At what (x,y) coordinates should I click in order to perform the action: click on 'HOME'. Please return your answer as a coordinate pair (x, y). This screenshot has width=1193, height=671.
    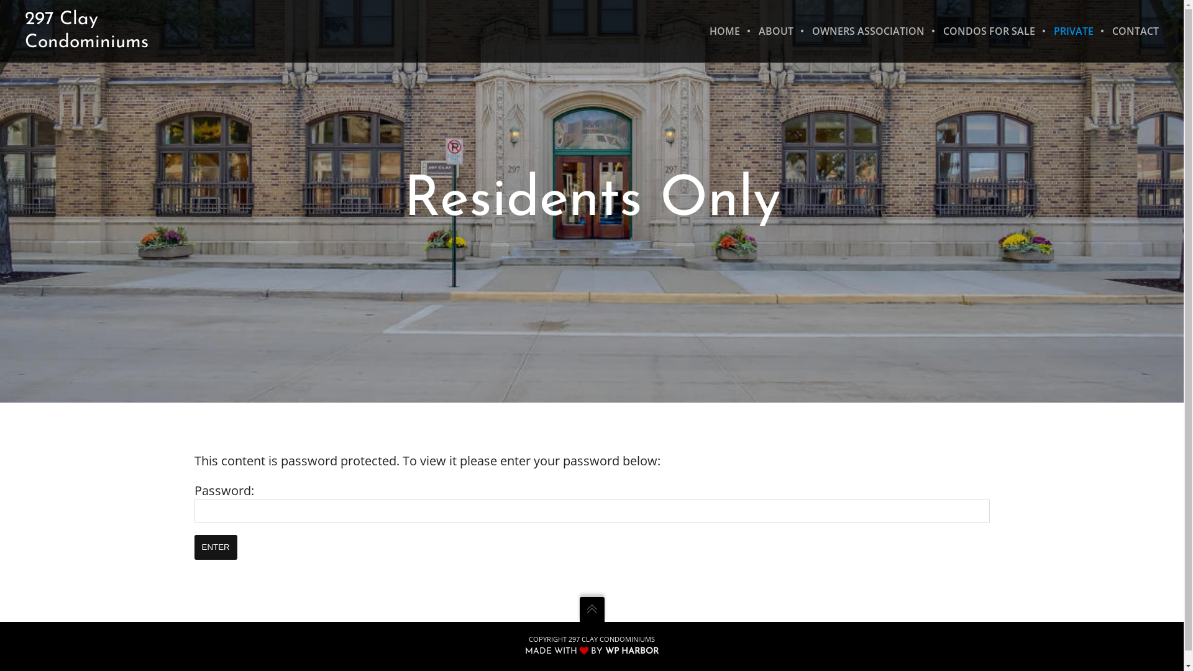
    Looking at the image, I should click on (724, 30).